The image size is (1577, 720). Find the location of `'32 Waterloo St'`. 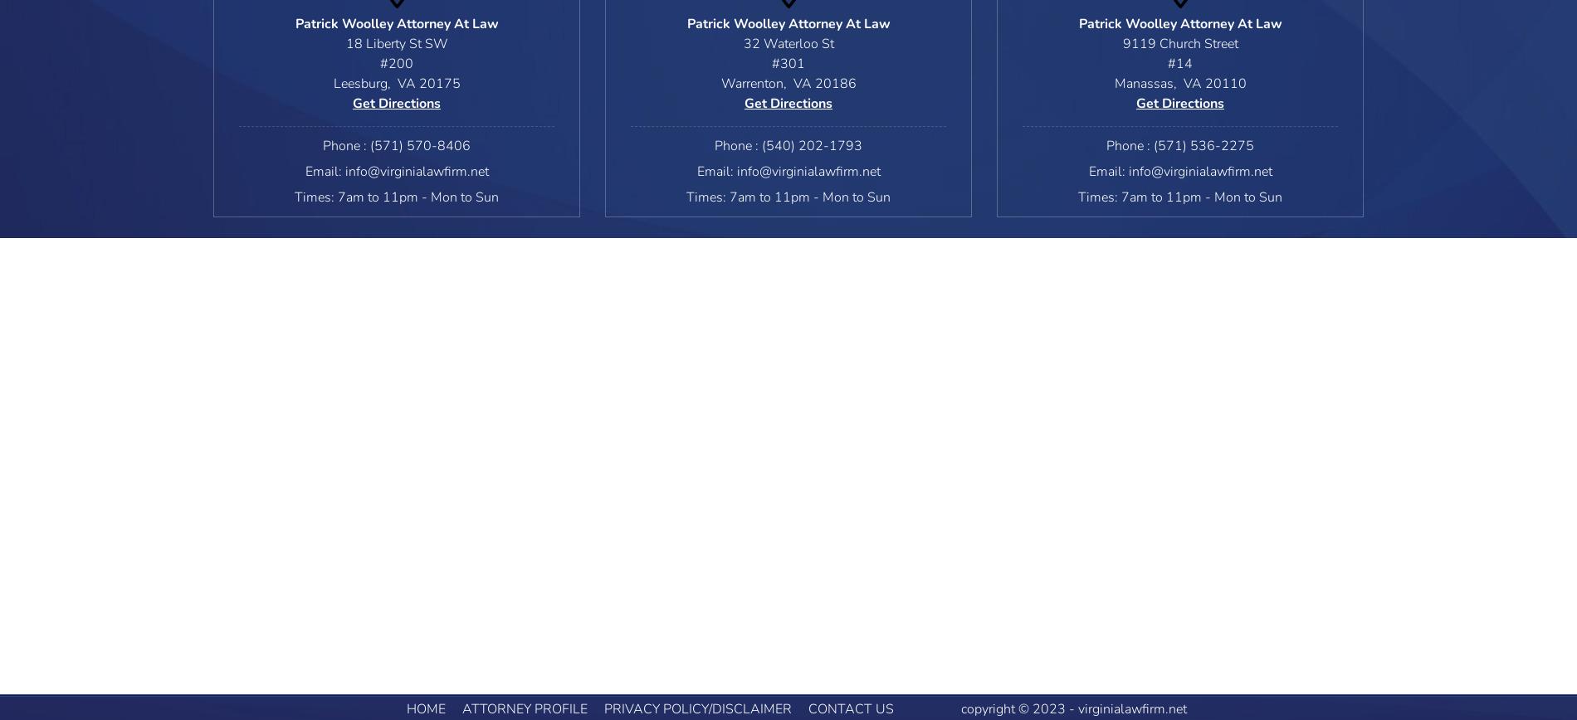

'32 Waterloo St' is located at coordinates (787, 44).